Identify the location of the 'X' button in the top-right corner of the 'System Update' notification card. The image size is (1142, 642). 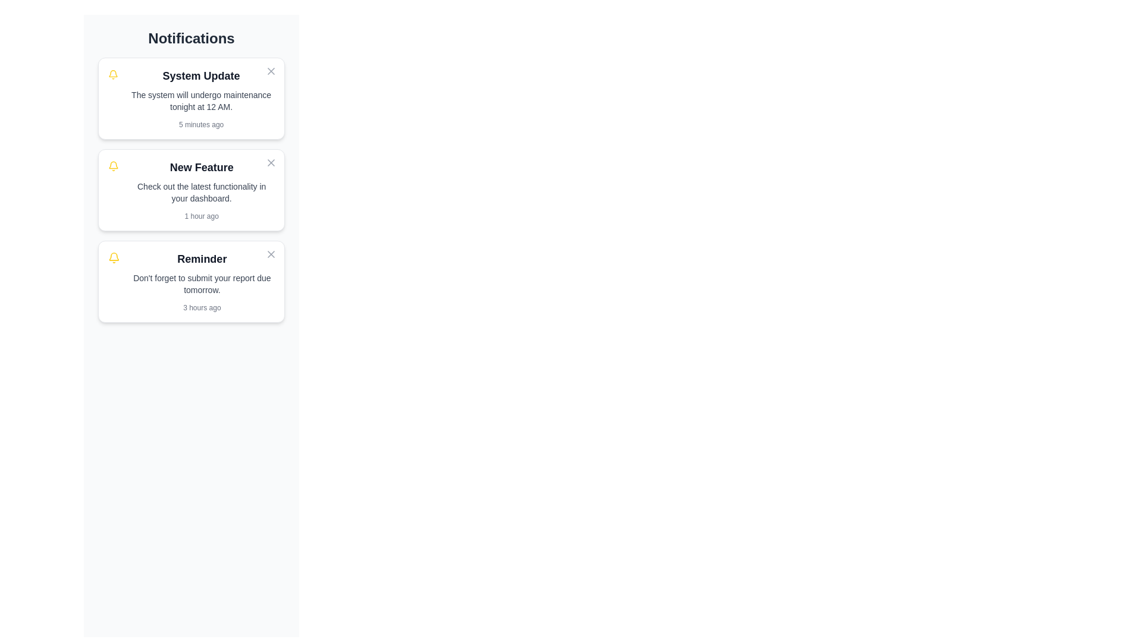
(271, 71).